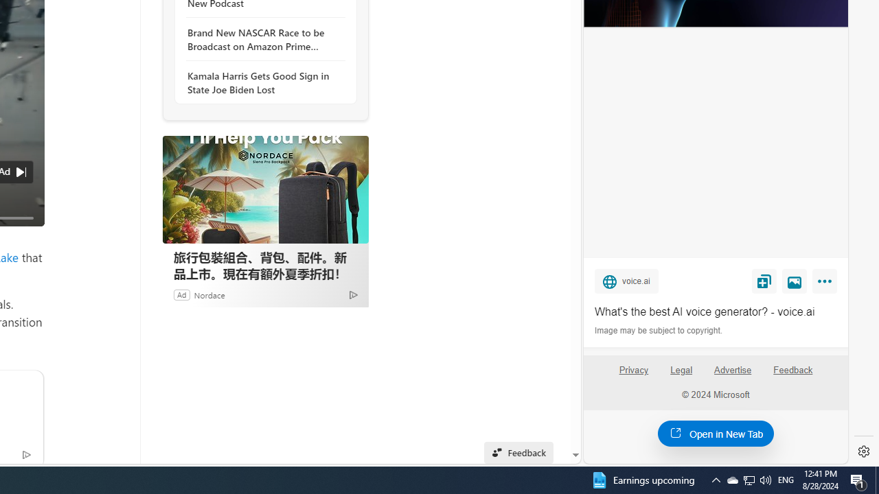  I want to click on 'Brand New NASCAR Race to be Broadcast on Amazon Prime Video', so click(262, 38).